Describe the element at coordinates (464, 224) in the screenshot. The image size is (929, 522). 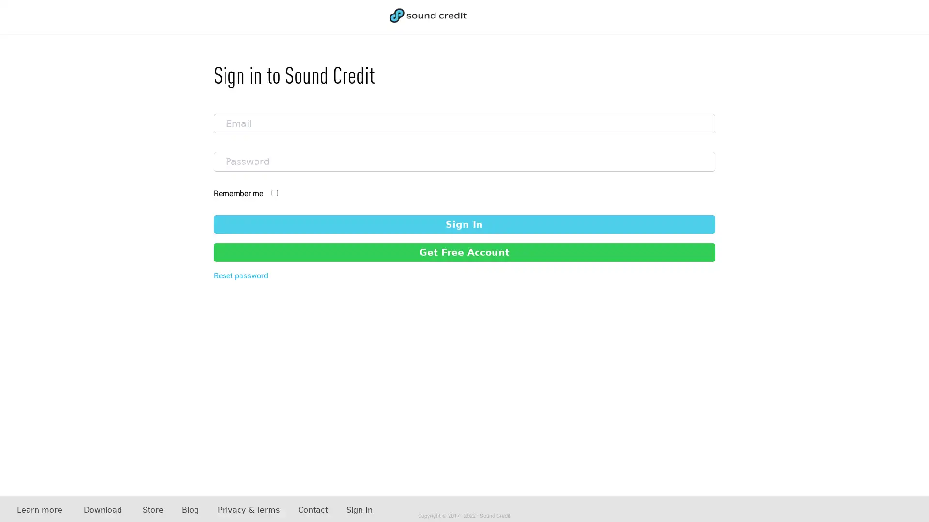
I see `Sign In` at that location.